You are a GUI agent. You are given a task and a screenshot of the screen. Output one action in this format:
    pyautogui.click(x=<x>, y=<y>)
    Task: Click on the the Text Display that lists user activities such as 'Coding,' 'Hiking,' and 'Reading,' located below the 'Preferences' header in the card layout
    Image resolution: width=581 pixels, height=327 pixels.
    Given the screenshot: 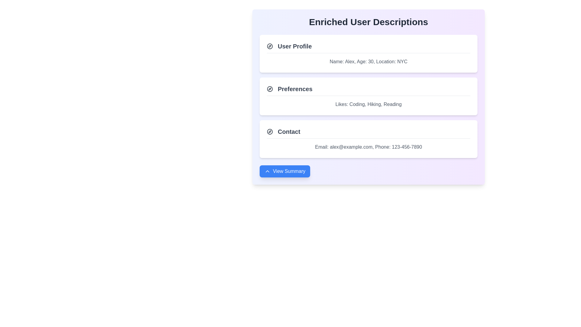 What is the action you would take?
    pyautogui.click(x=368, y=101)
    